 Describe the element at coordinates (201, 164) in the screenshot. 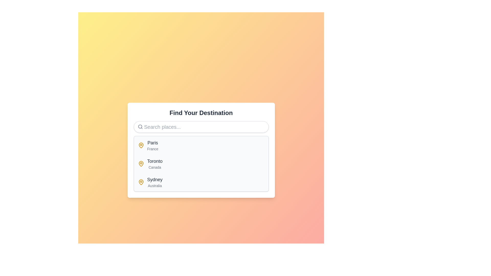

I see `the row containing location options in the 'Find Your Destination' section` at that location.